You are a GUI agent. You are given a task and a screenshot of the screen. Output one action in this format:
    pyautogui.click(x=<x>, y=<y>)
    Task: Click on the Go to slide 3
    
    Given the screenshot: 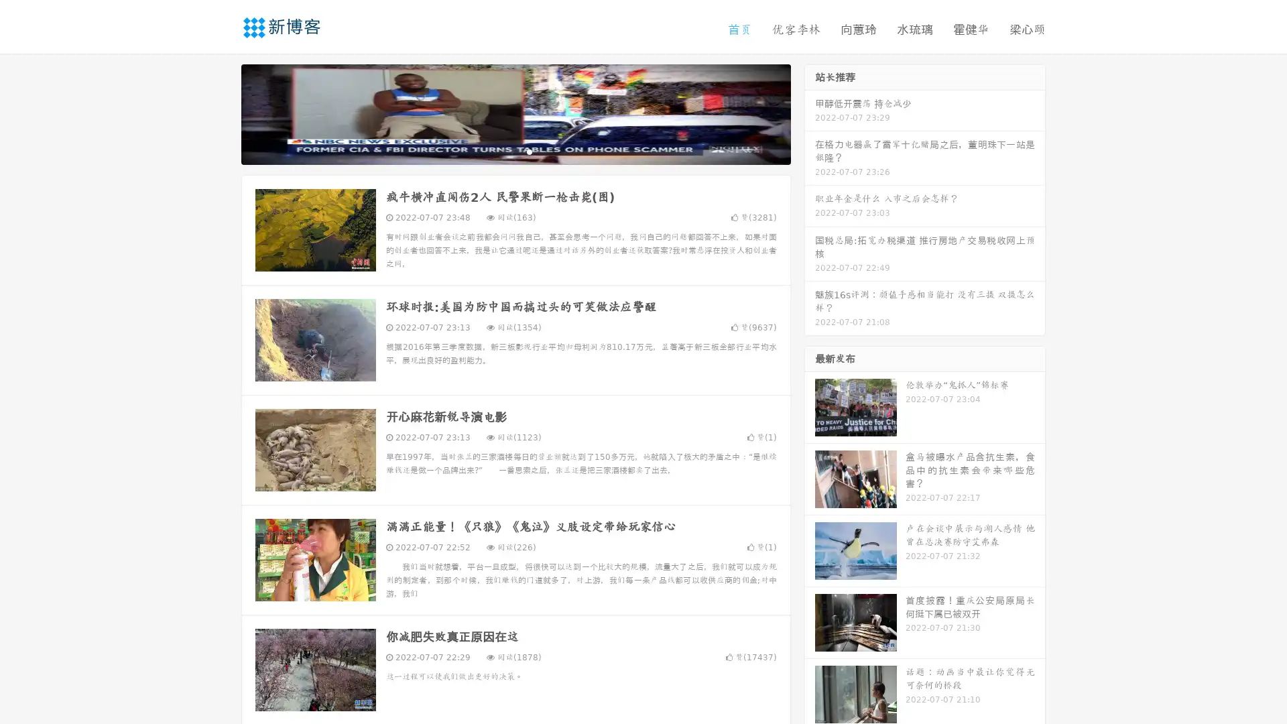 What is the action you would take?
    pyautogui.click(x=529, y=151)
    